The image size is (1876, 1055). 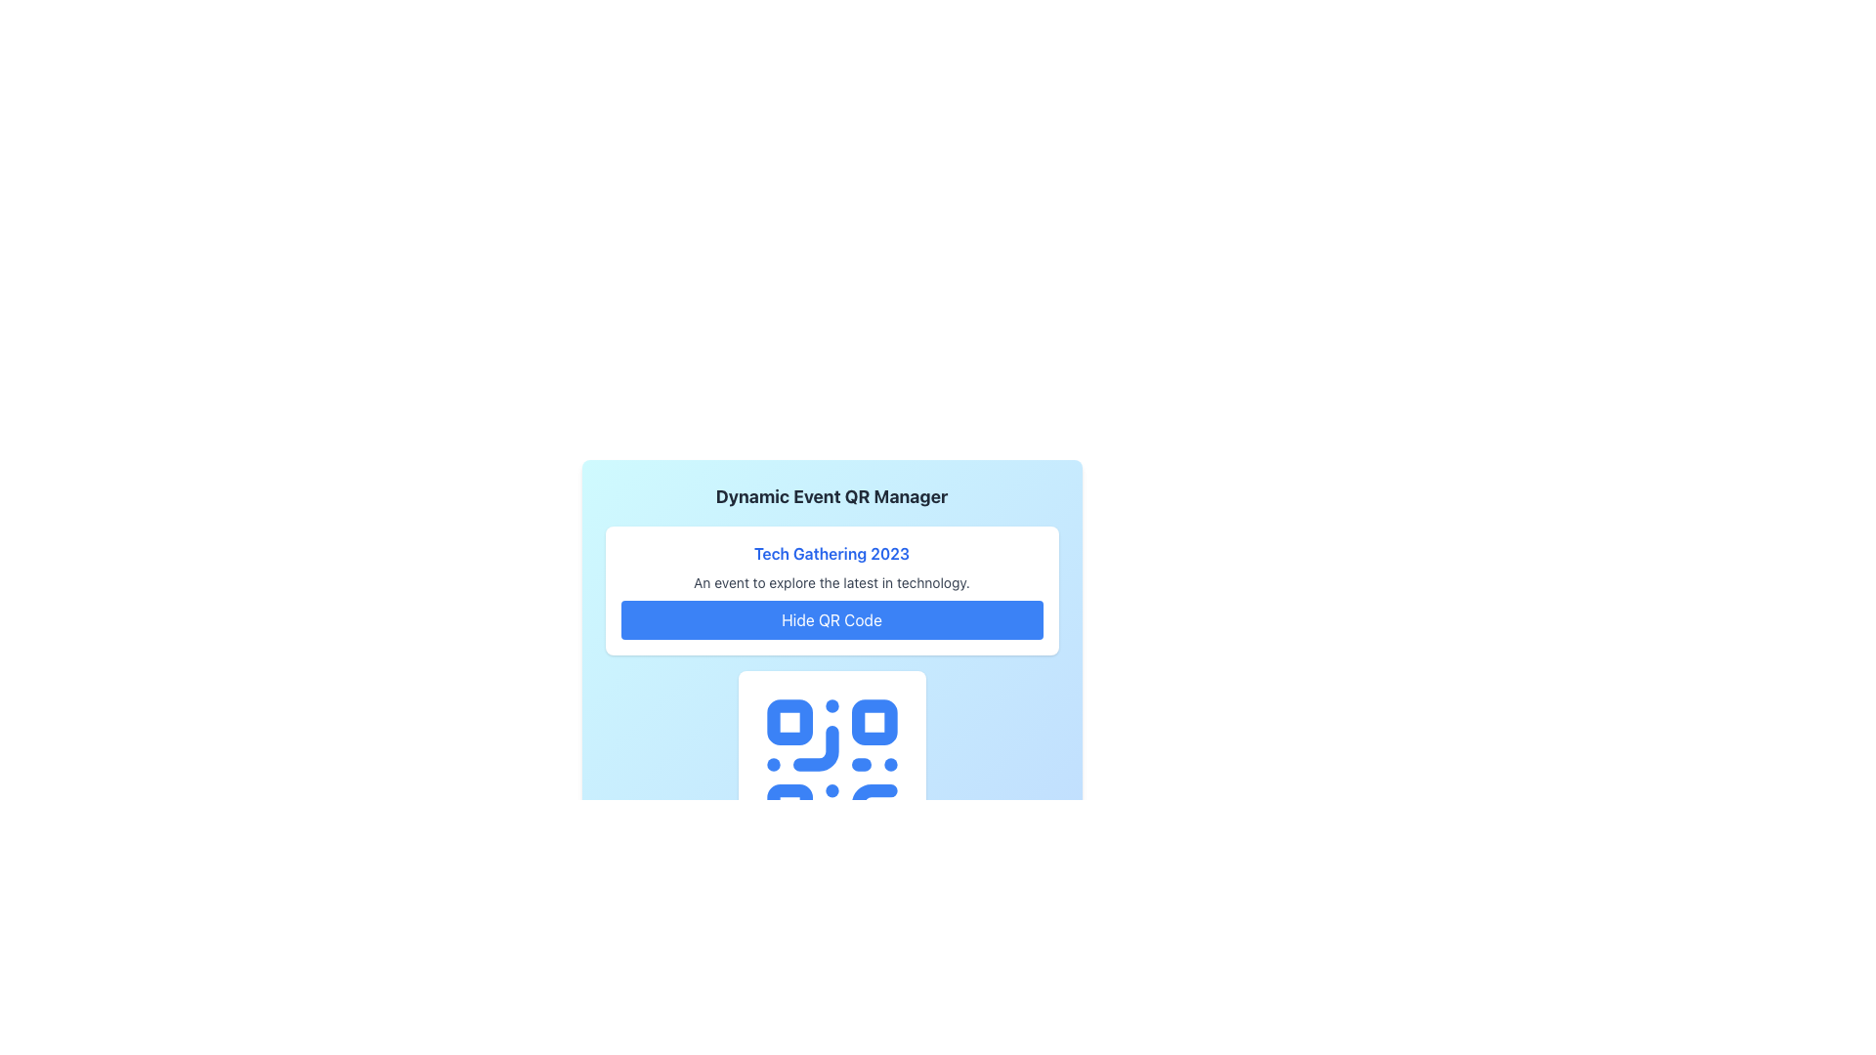 I want to click on the third square in the bottom-left cluster of the QR code graphic, which is part of the pattern for QR scanning, so click(x=789, y=807).